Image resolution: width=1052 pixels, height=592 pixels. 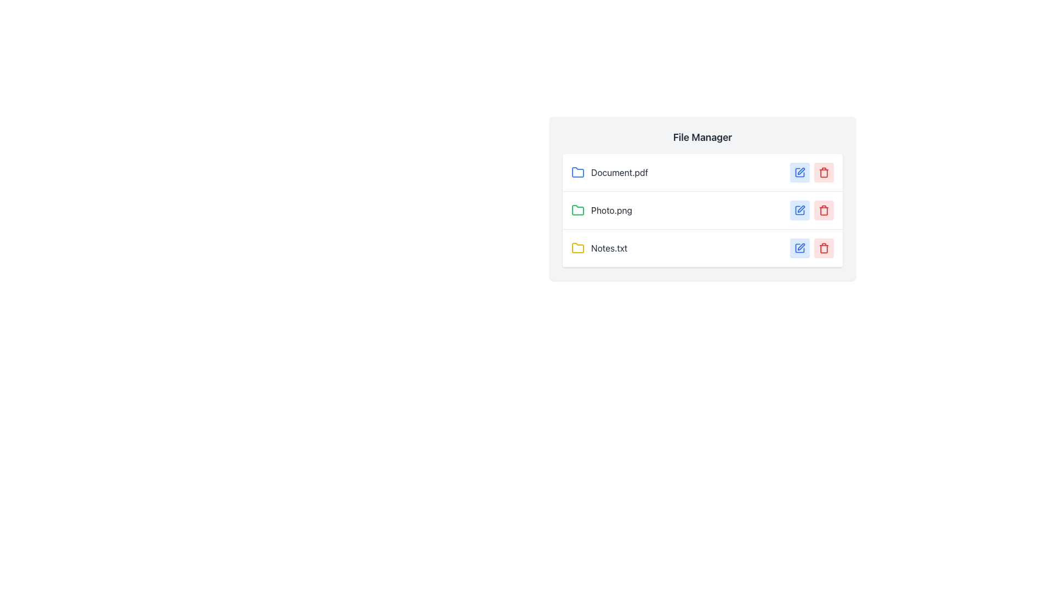 I want to click on the edit action icon button with a blue background located to the right of the 'Photo.png' text label in the second row of the list, so click(x=799, y=210).